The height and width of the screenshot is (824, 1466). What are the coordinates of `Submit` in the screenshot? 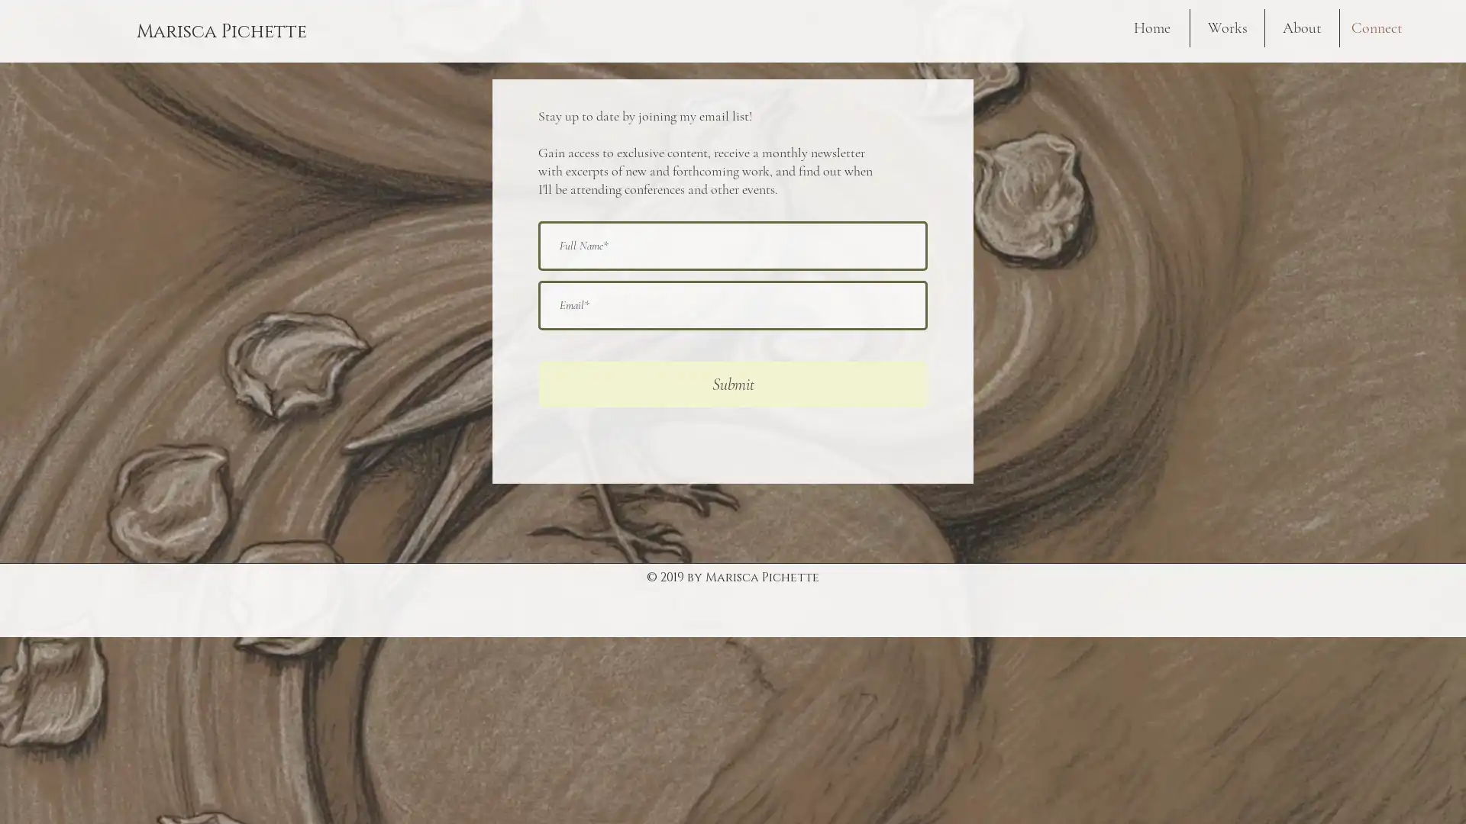 It's located at (733, 384).